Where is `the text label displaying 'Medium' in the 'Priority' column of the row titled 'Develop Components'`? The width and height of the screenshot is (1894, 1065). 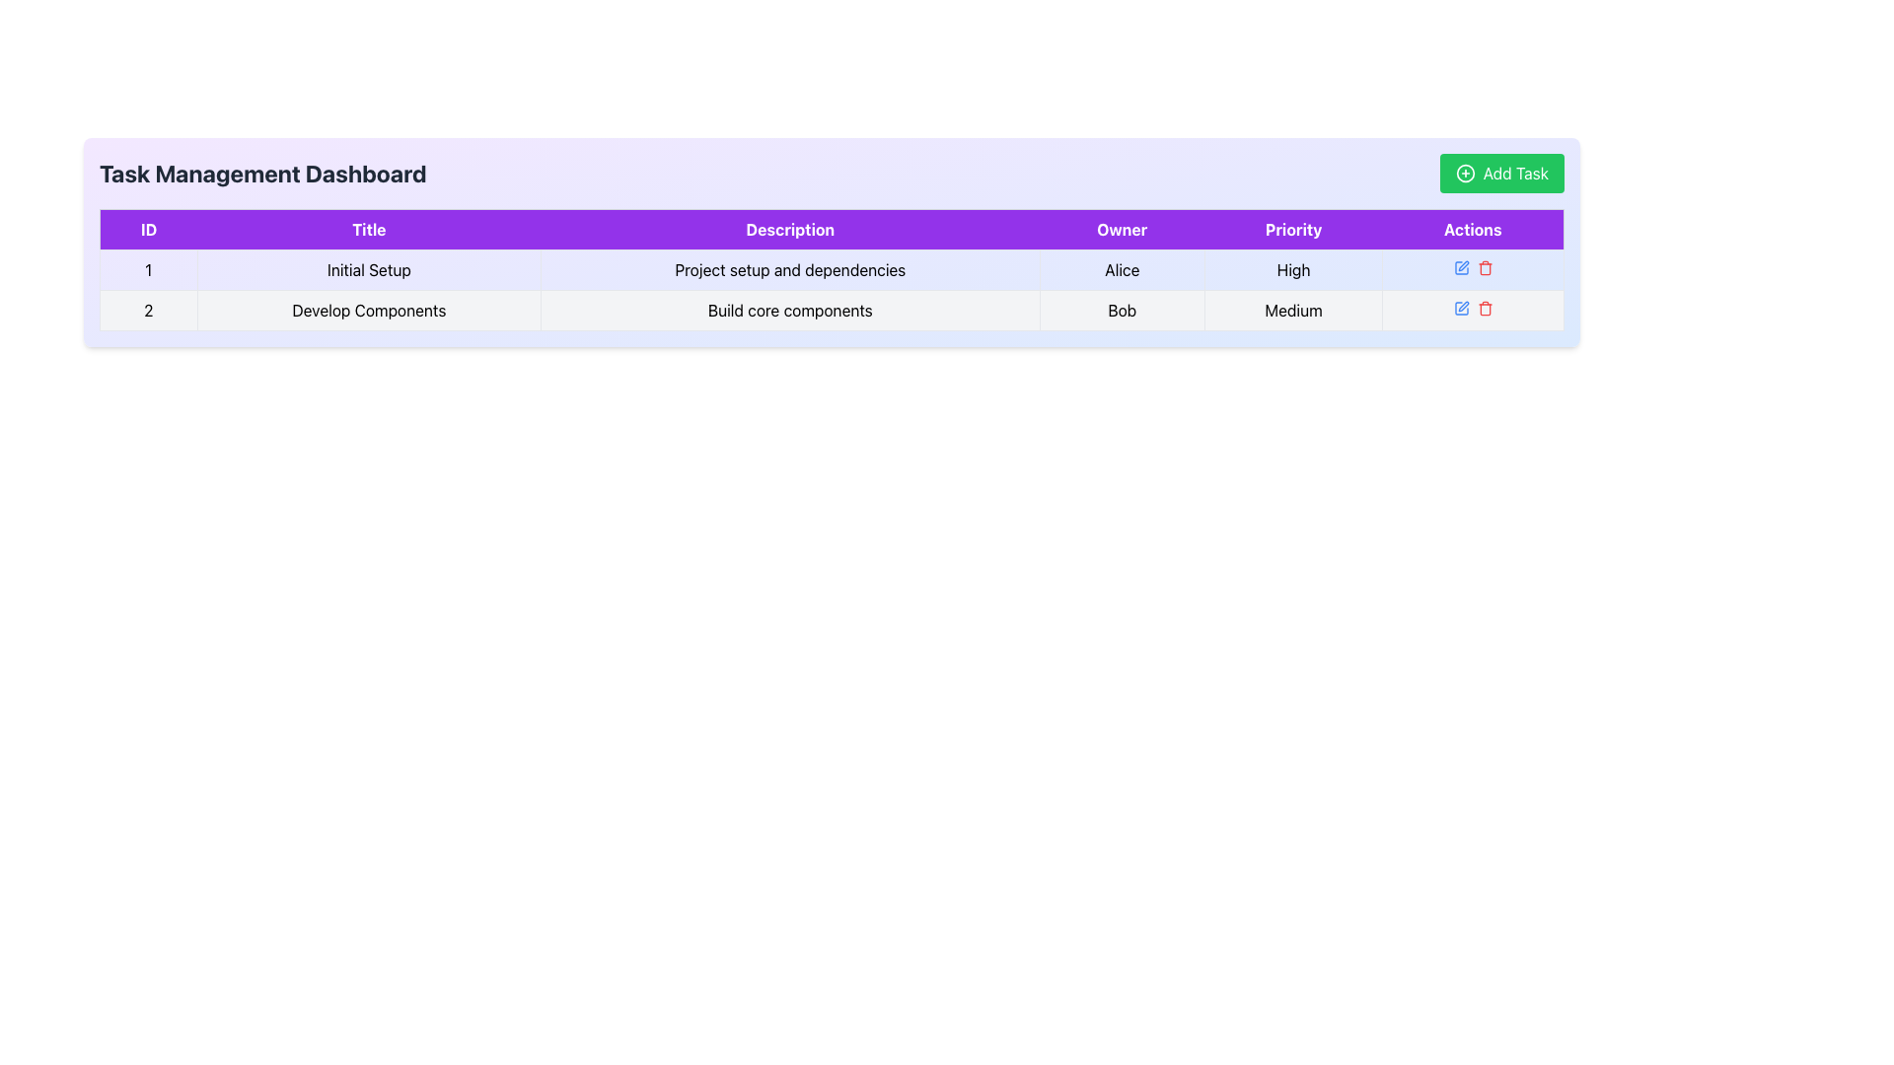 the text label displaying 'Medium' in the 'Priority' column of the row titled 'Develop Components' is located at coordinates (1293, 311).